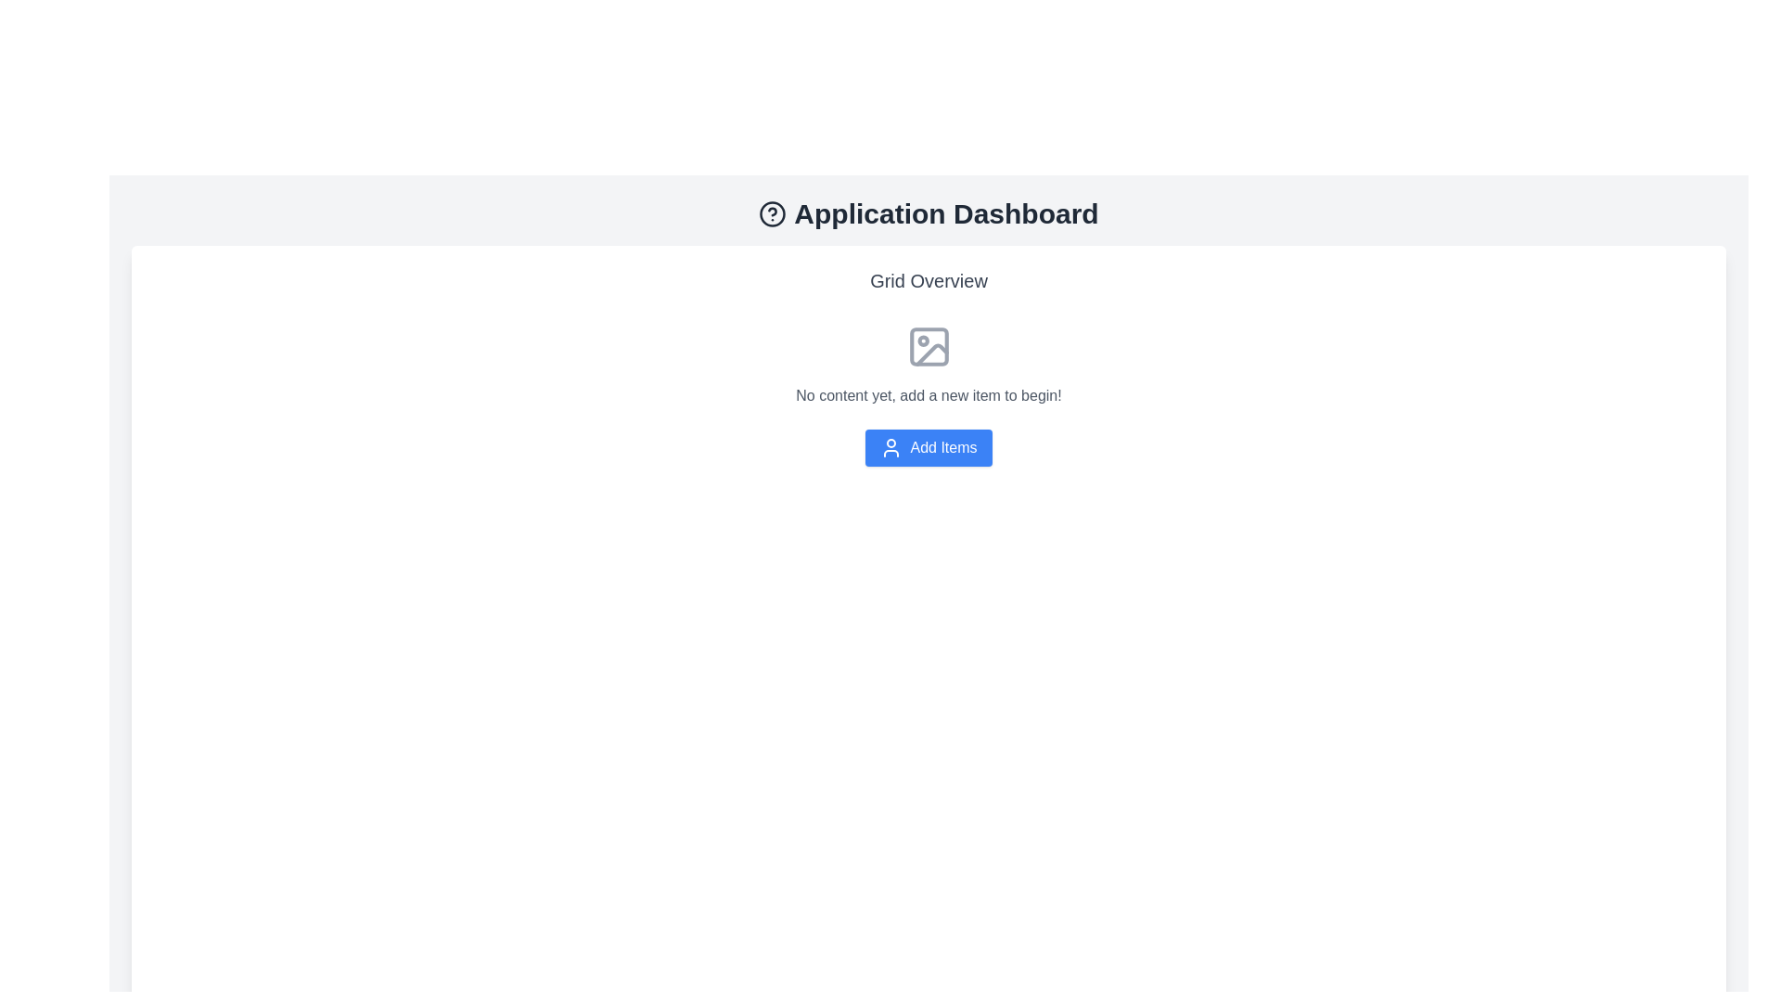 This screenshot has width=1781, height=1002. I want to click on the circular SVG component with a solid border located at the center of the question mark icon in the horizontal header, positioned to the left of the 'Application Dashboard' title, so click(773, 213).